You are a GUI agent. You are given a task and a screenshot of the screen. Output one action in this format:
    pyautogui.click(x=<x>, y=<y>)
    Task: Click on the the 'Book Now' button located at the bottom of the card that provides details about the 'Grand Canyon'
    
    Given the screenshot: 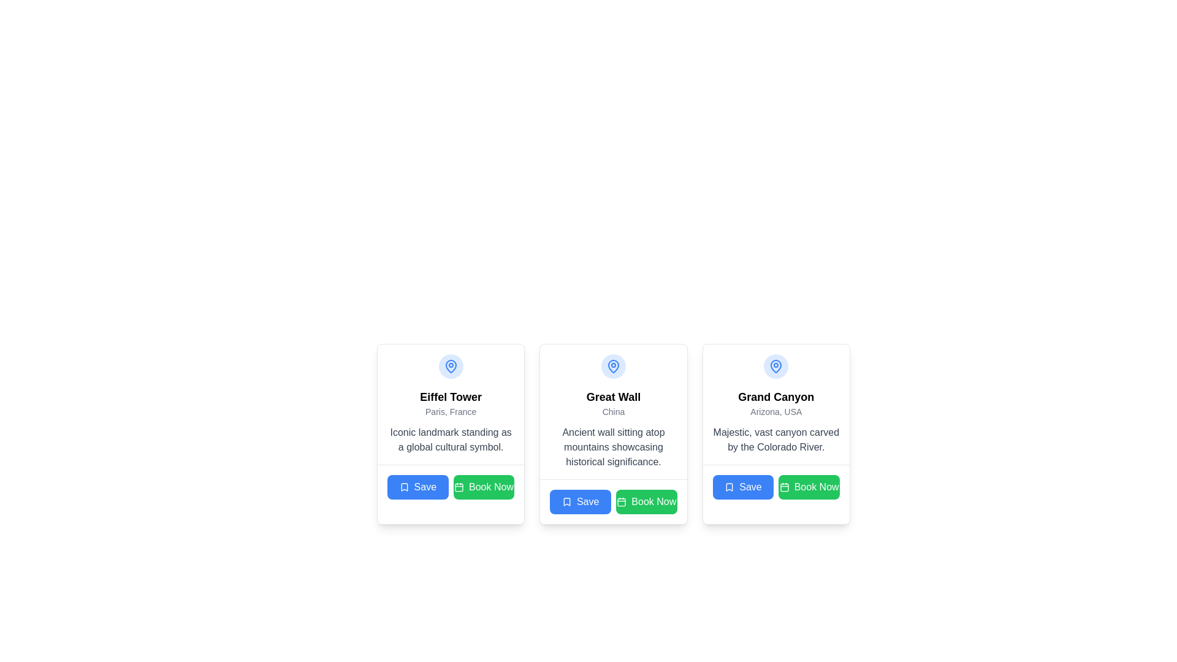 What is the action you would take?
    pyautogui.click(x=775, y=486)
    